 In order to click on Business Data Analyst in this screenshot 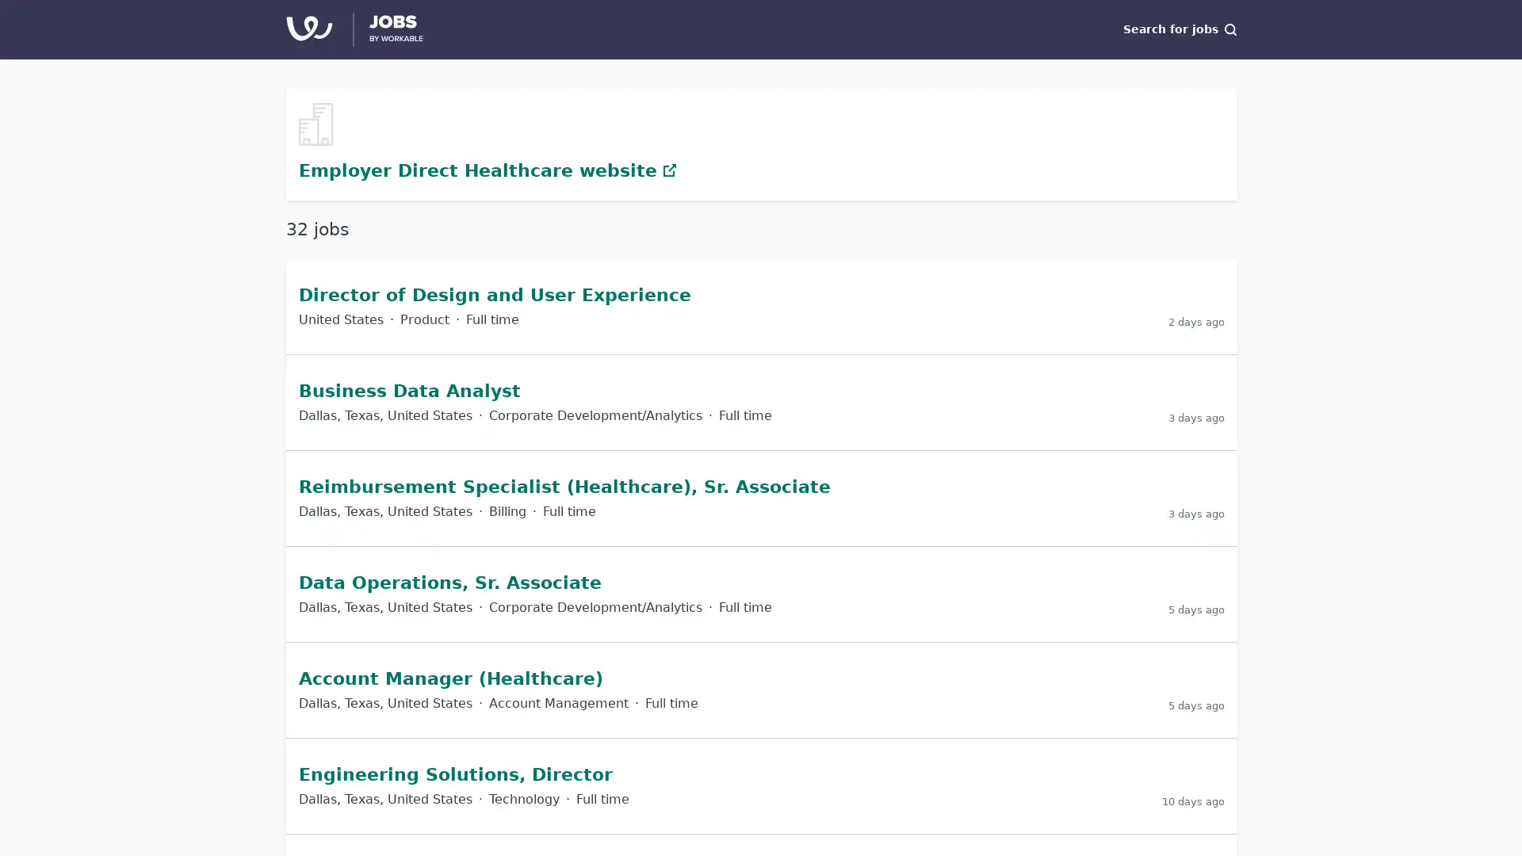, I will do `click(410, 390)`.